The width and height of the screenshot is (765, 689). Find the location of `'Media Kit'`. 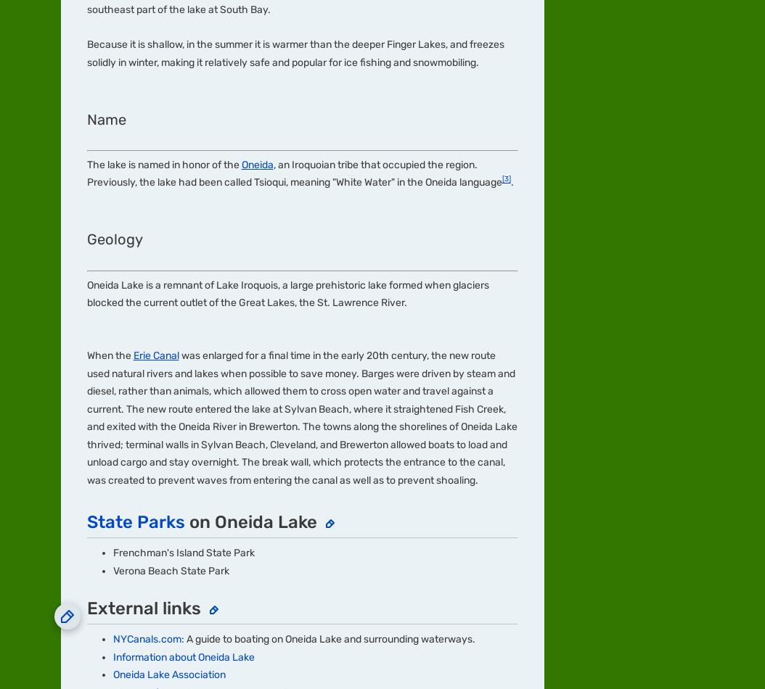

'Media Kit' is located at coordinates (81, 475).